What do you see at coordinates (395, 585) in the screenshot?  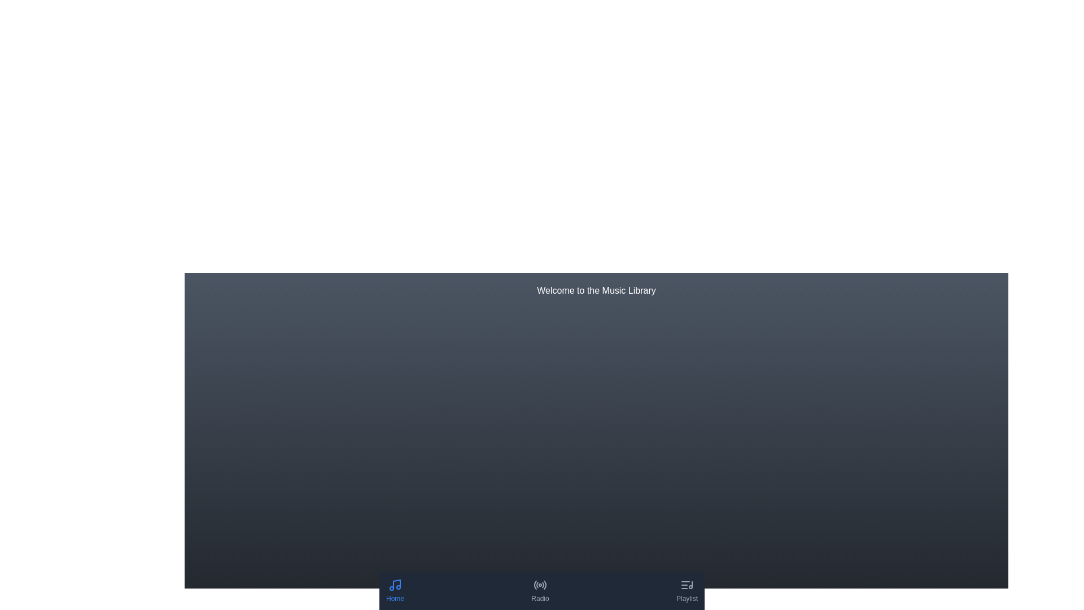 I see `the first SVG-based icon in the bottom navigation bar` at bounding box center [395, 585].